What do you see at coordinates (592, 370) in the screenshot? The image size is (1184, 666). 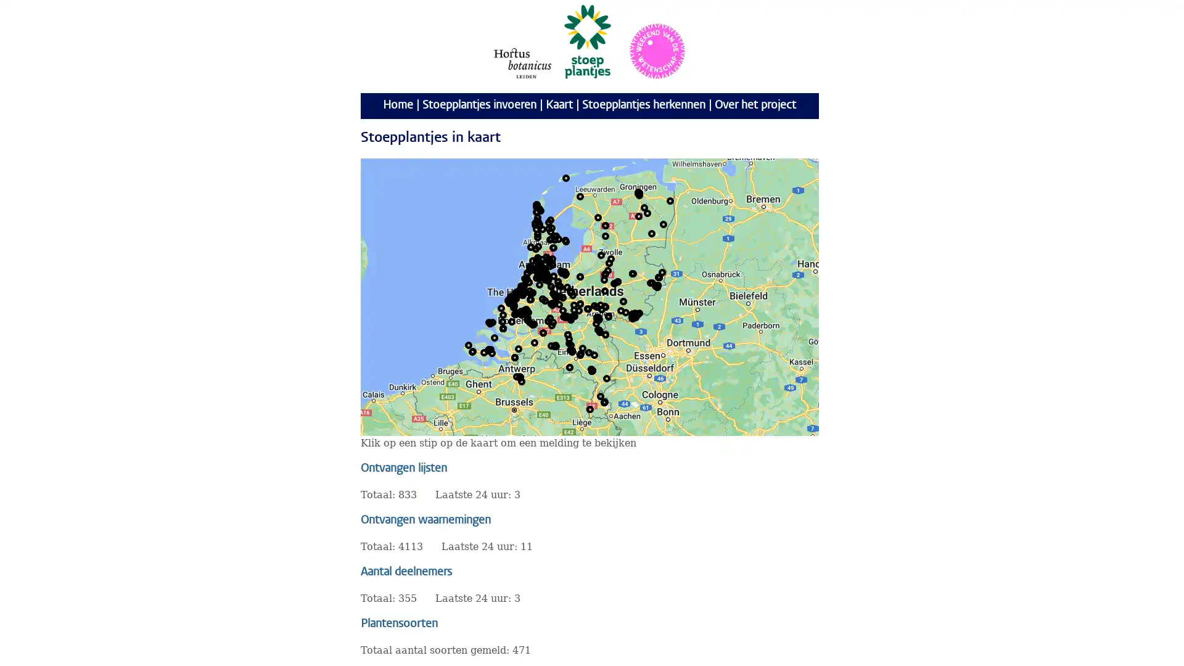 I see `Telling van Ton Frenken op 10 juni 2022` at bounding box center [592, 370].